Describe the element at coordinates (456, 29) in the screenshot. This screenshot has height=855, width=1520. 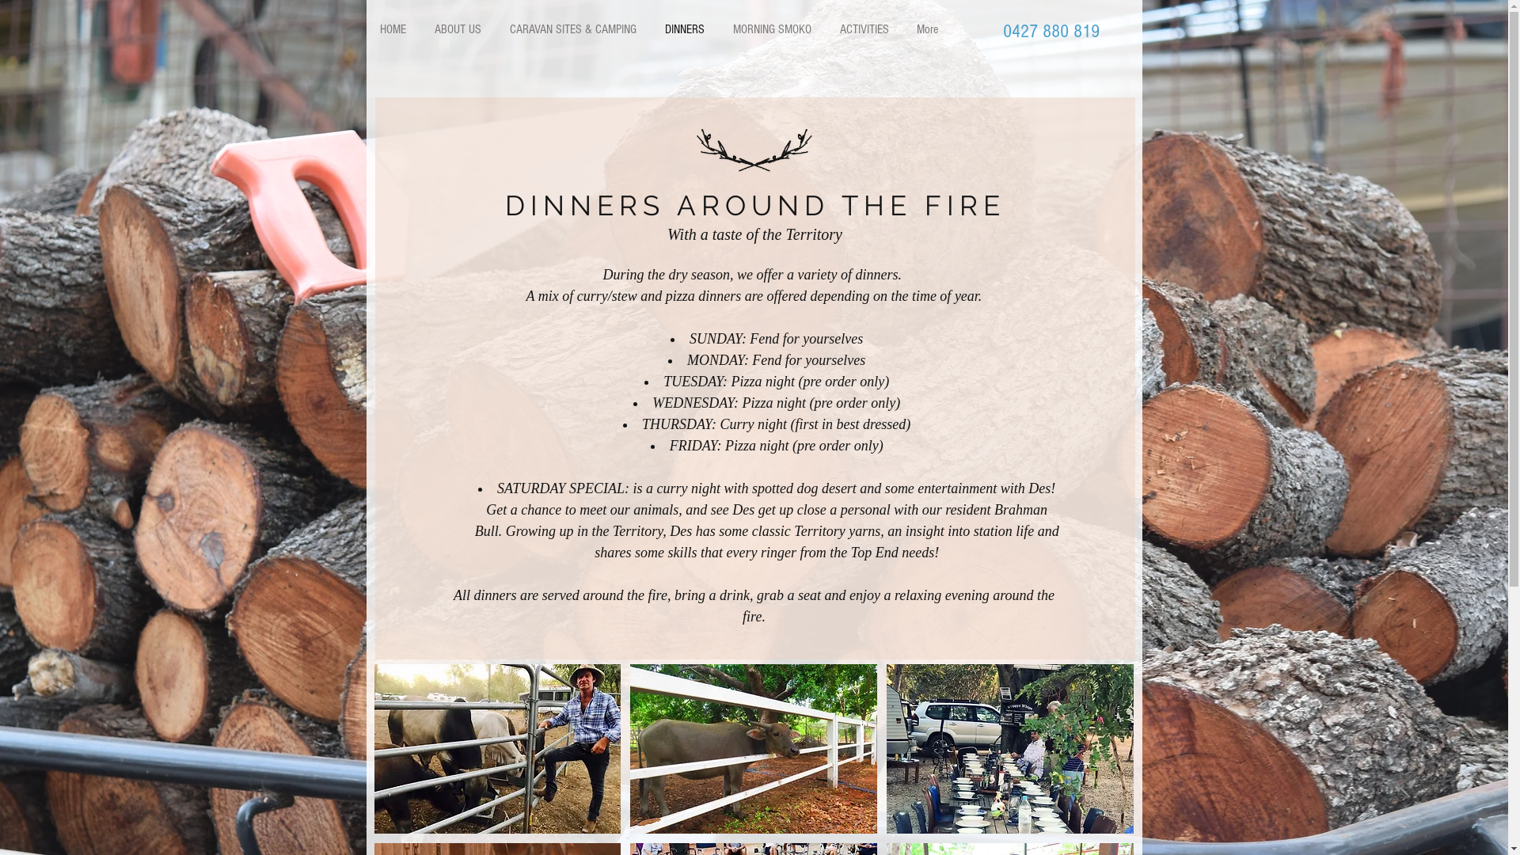
I see `'ABOUT US'` at that location.